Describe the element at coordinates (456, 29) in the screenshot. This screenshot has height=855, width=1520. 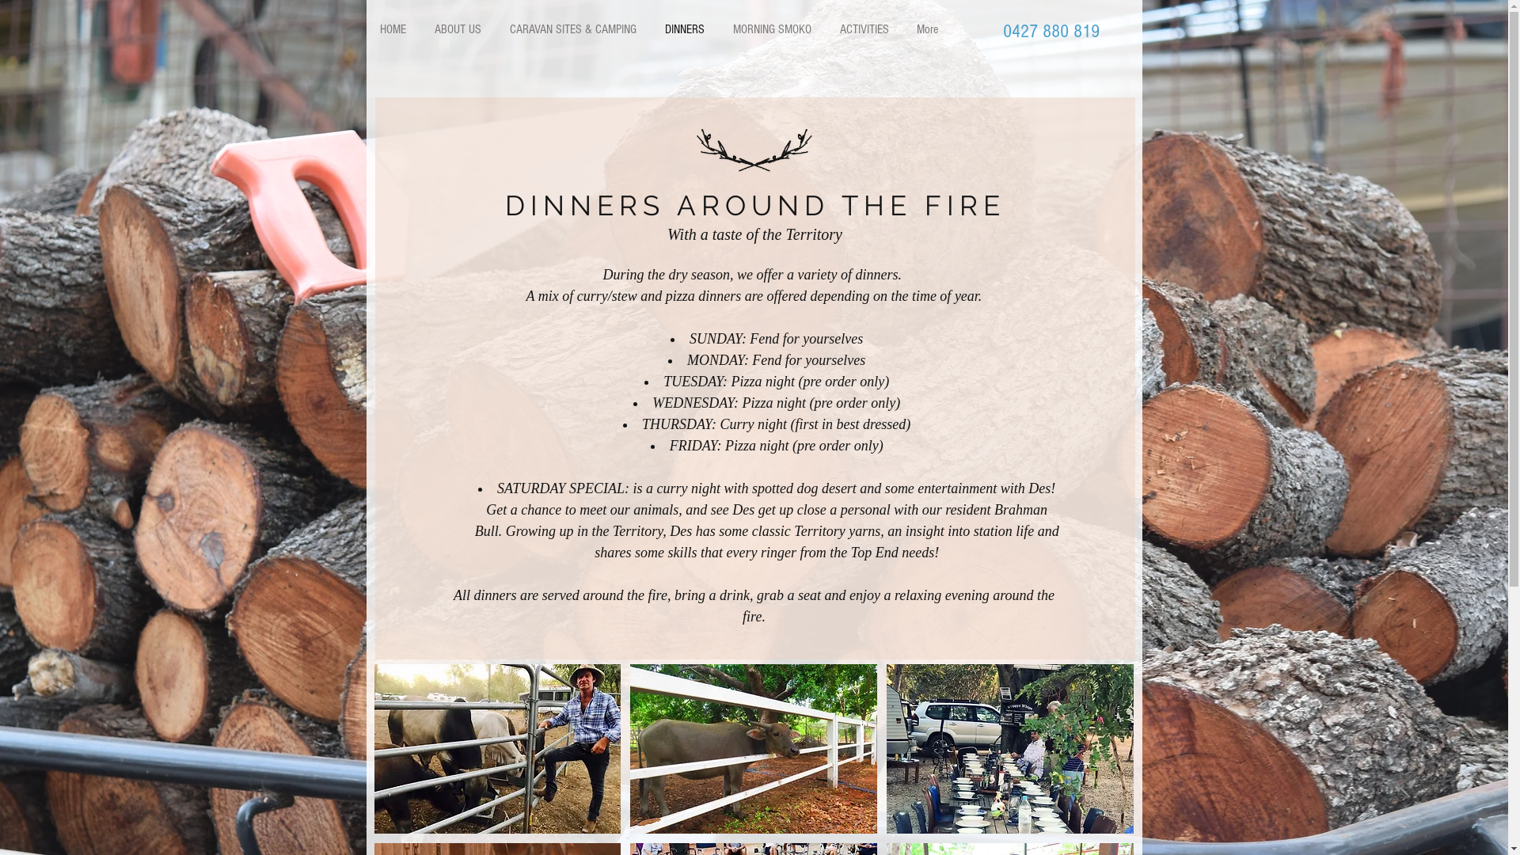
I see `'ABOUT US'` at that location.